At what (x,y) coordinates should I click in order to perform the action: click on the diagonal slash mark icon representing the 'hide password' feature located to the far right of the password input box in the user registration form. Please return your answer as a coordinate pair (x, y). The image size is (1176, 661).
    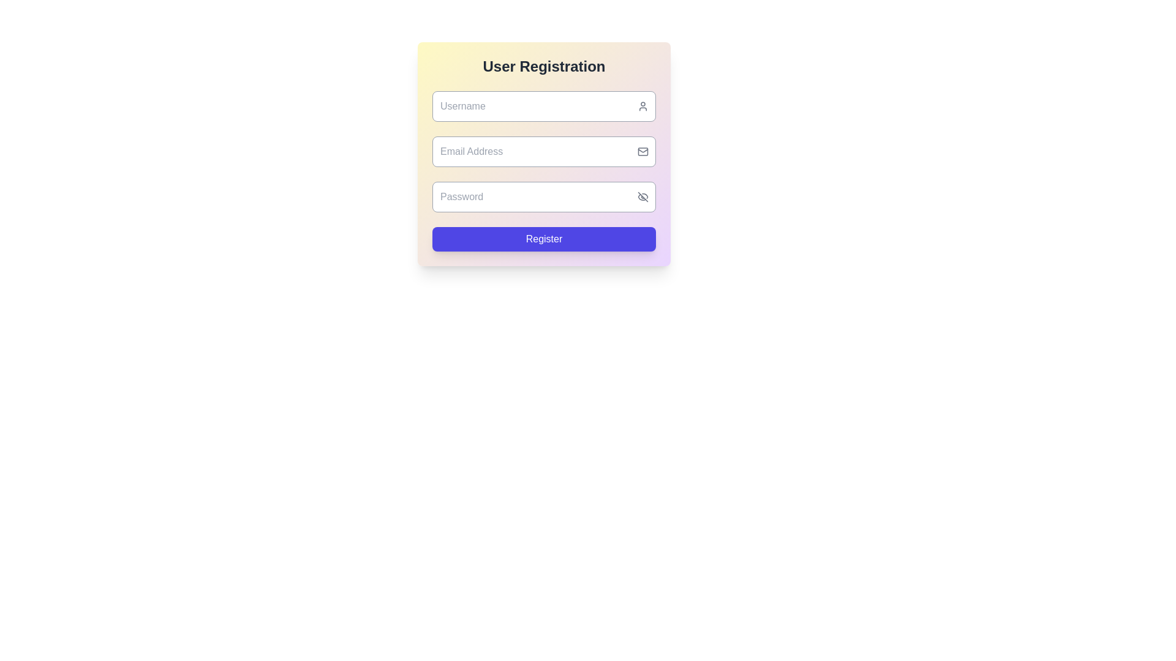
    Looking at the image, I should click on (643, 196).